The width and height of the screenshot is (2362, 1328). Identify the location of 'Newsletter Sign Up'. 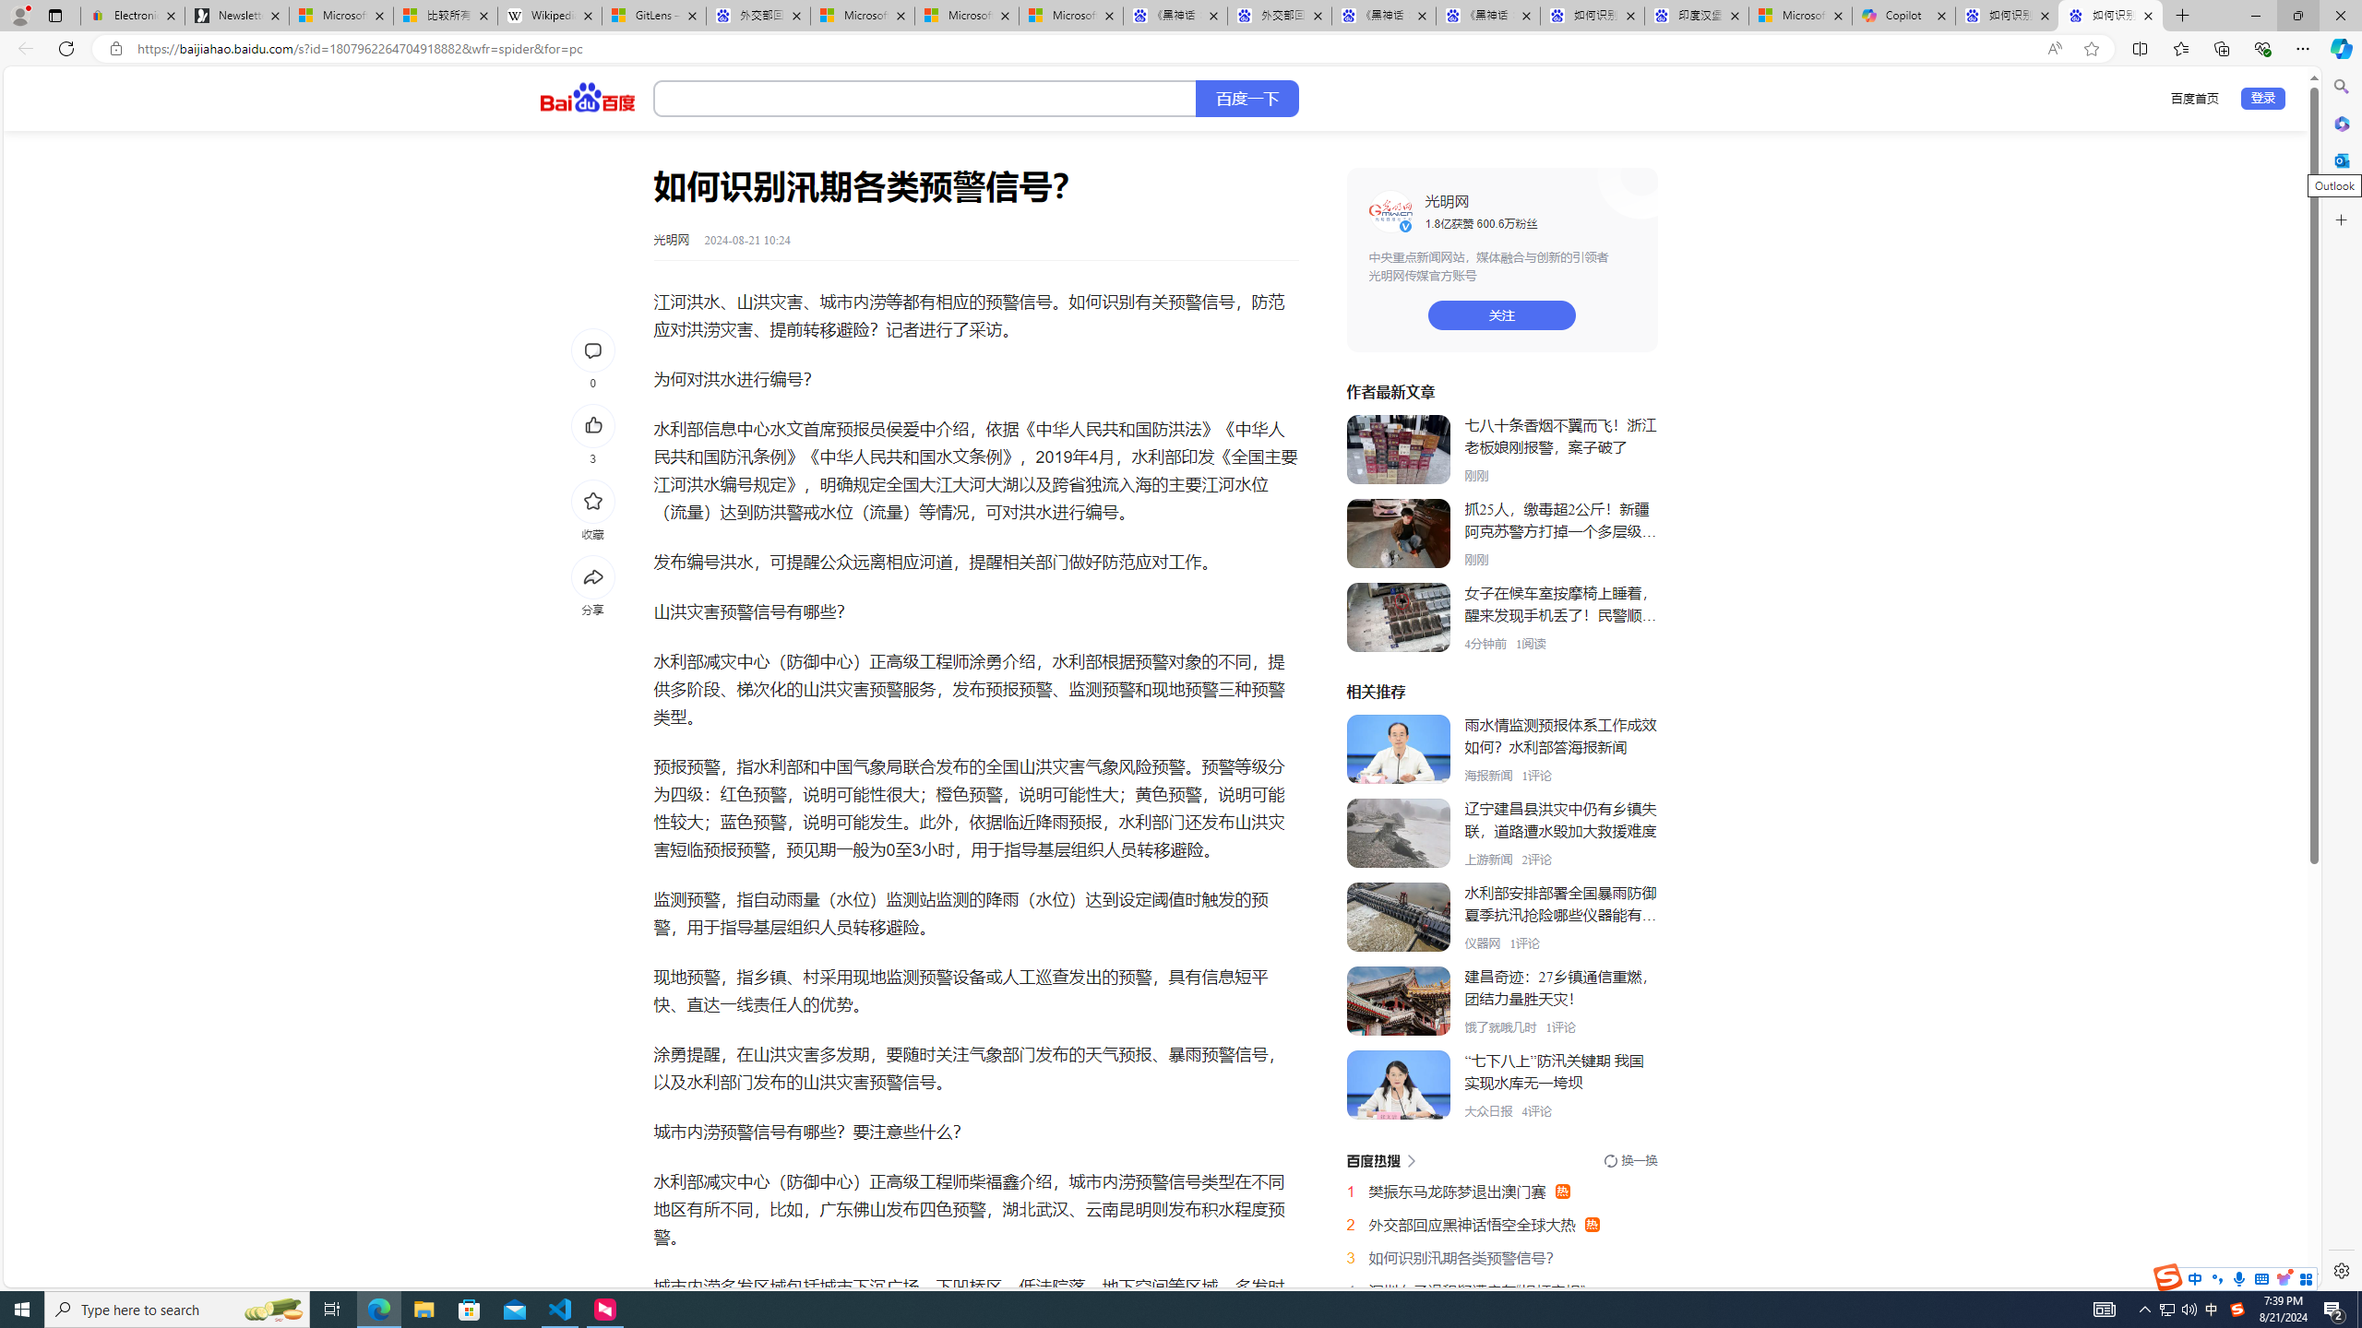
(236, 15).